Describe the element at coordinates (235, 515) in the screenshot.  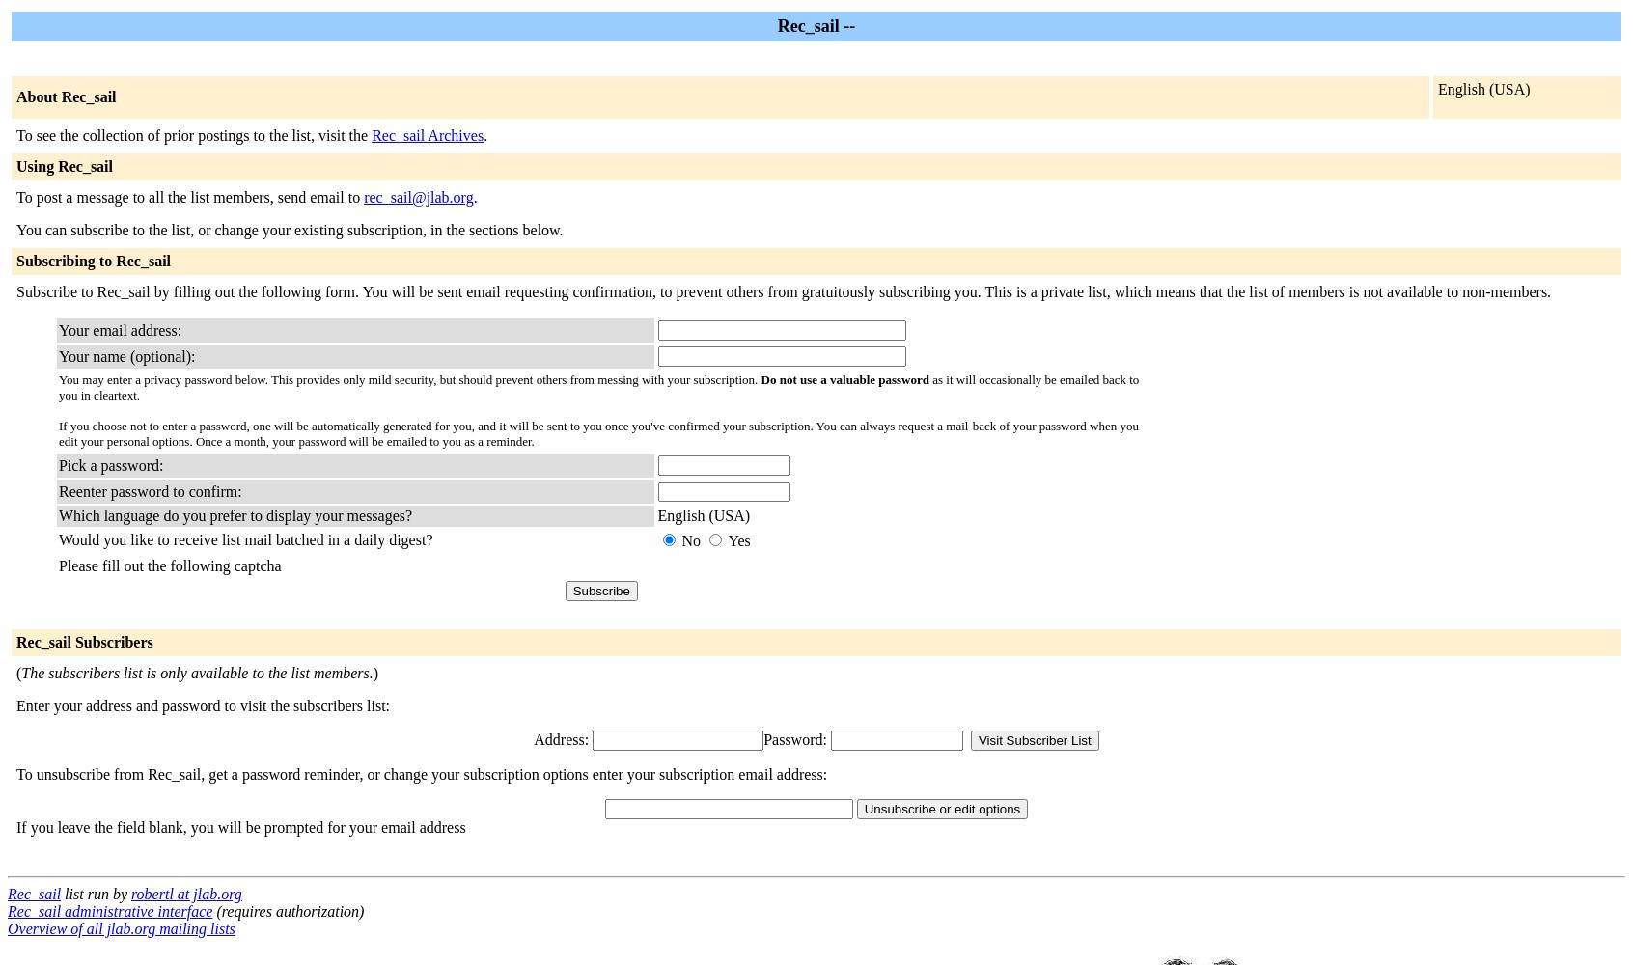
I see `'Which language do you prefer to display your messages?'` at that location.